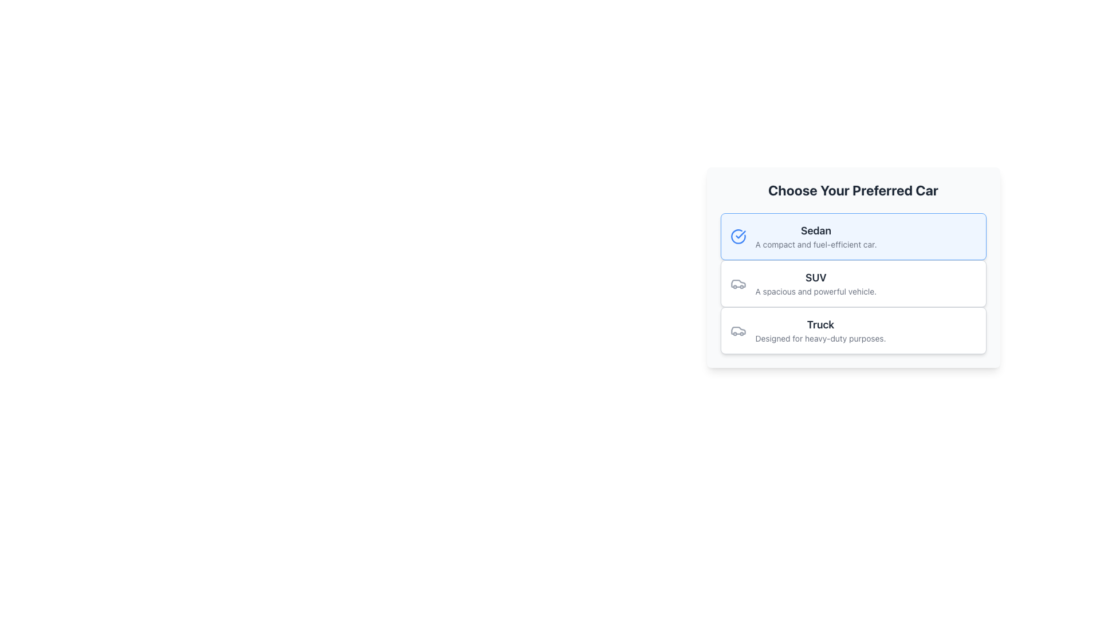  What do you see at coordinates (853, 283) in the screenshot?
I see `the SUV option card located in the vertical list of car options, specifically the second card under the heading 'Choose Your Preferred Car'` at bounding box center [853, 283].